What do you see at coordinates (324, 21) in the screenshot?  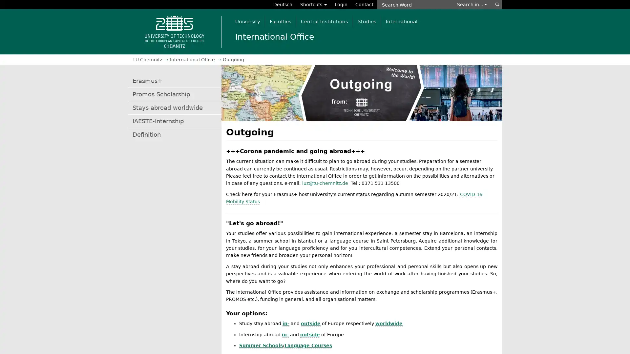 I see `Central Institutions` at bounding box center [324, 21].